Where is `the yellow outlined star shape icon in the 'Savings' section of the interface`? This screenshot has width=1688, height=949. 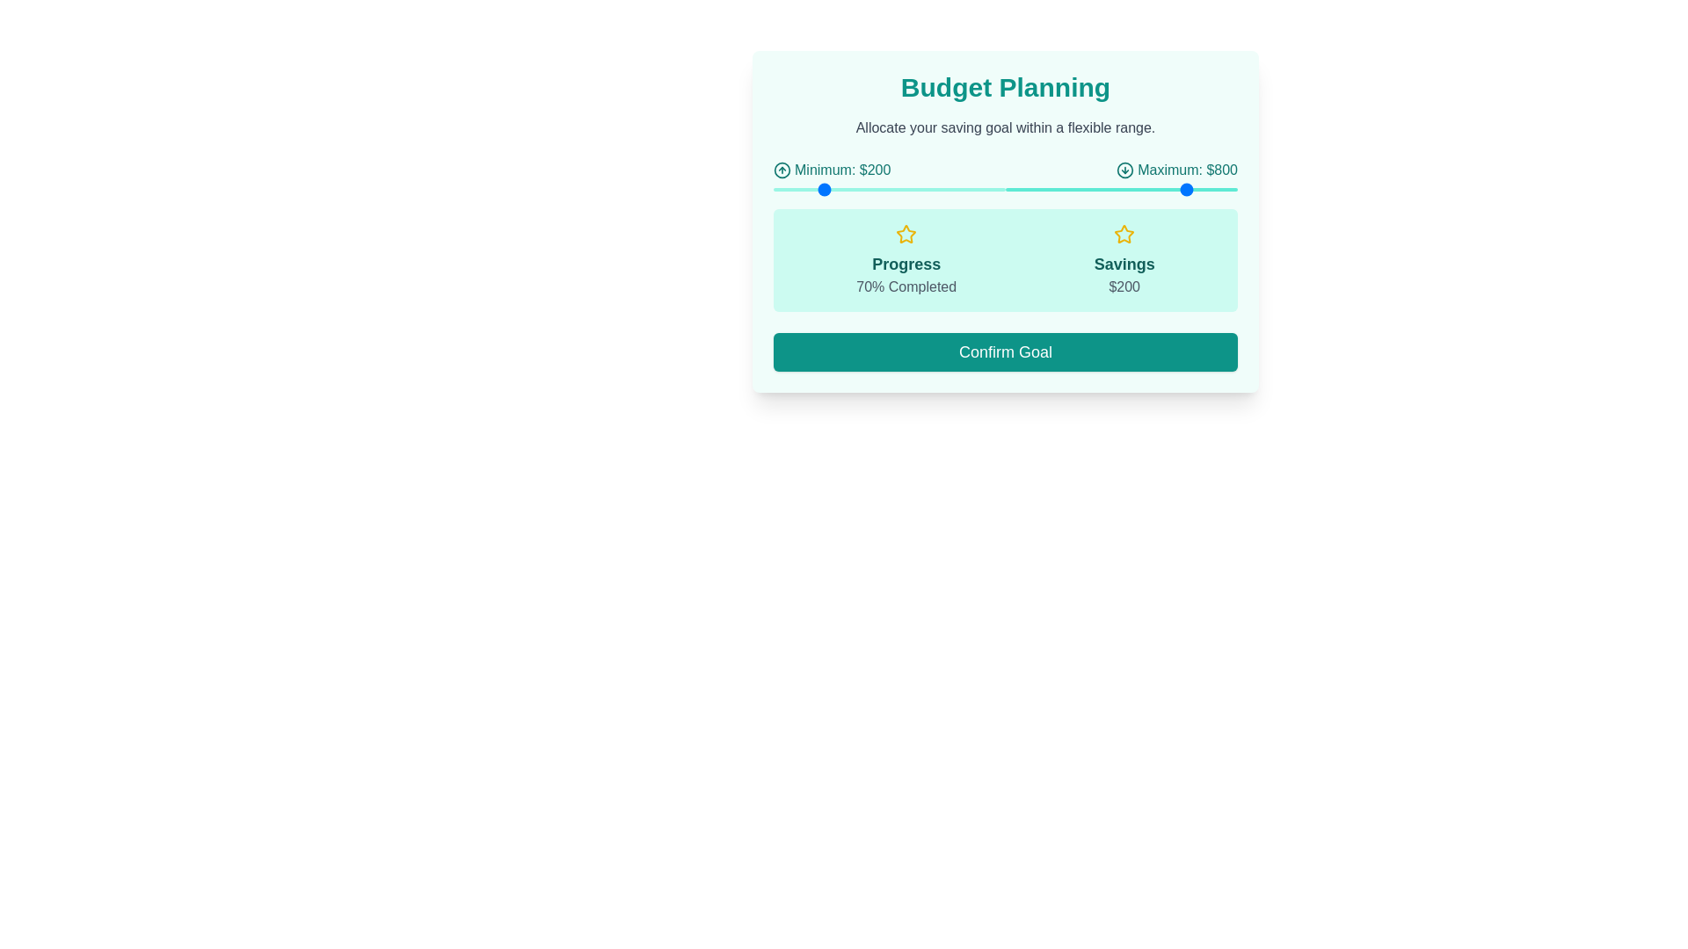
the yellow outlined star shape icon in the 'Savings' section of the interface is located at coordinates (906, 233).